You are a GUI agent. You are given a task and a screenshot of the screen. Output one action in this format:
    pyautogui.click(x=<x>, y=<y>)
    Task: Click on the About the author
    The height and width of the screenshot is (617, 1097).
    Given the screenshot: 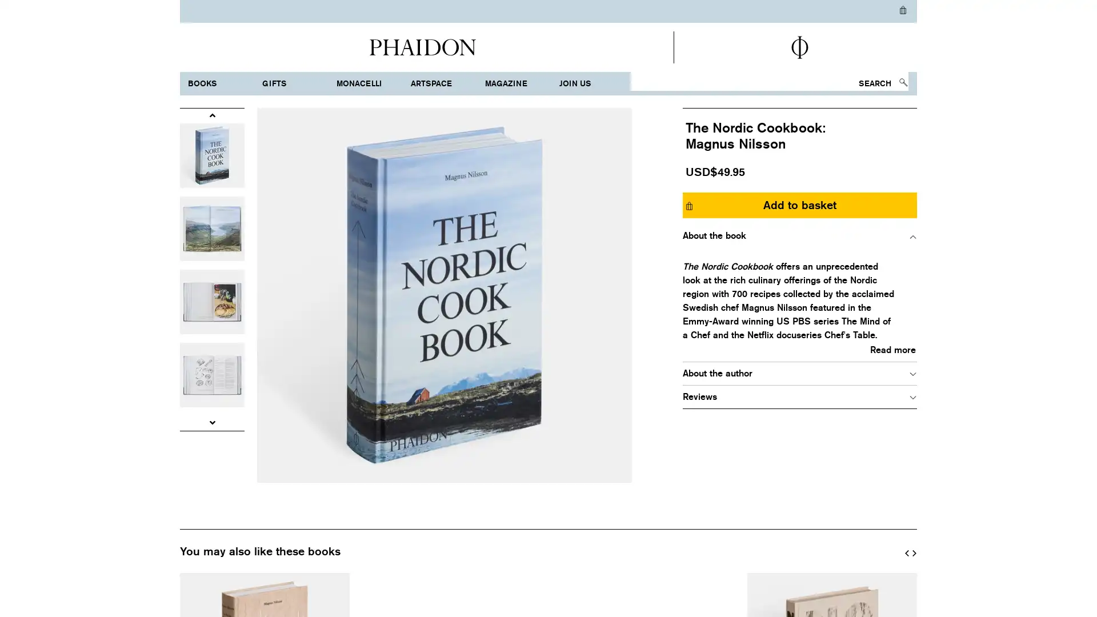 What is the action you would take?
    pyautogui.click(x=799, y=372)
    